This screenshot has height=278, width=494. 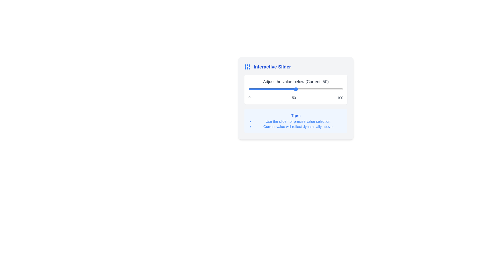 I want to click on the text label displaying the value '50', which is centrally positioned between the labels '0' and '100' on the slider widget, so click(x=294, y=98).